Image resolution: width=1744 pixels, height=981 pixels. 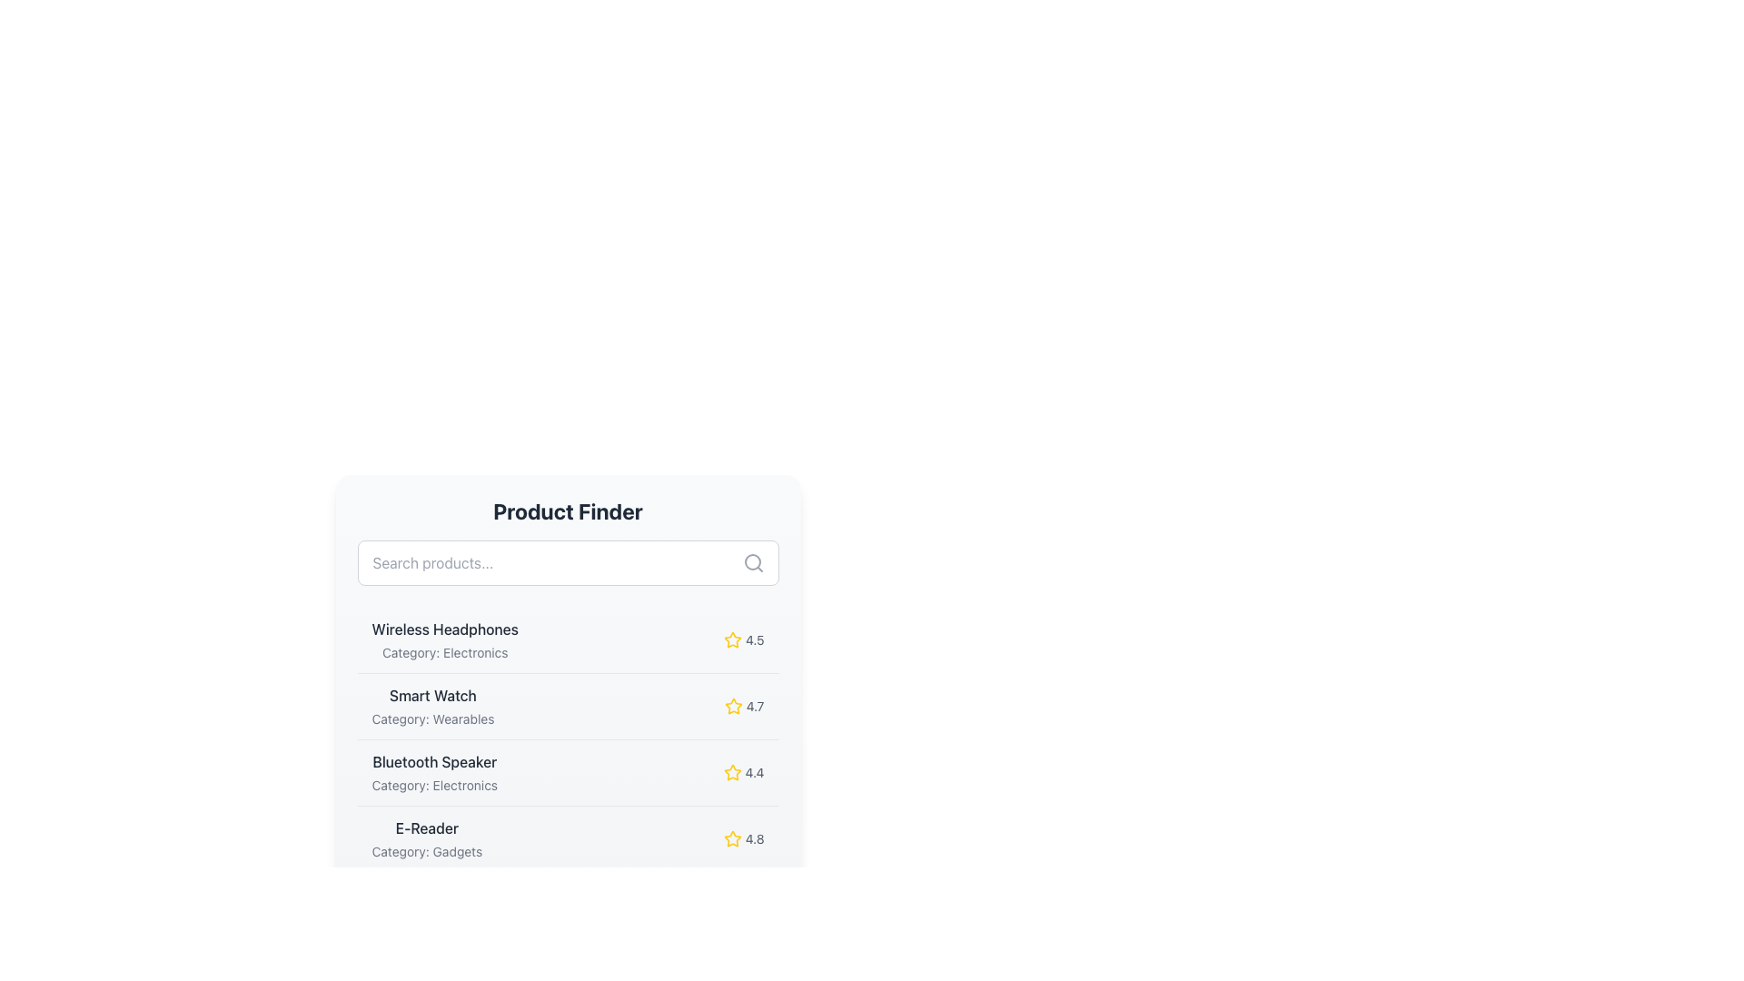 What do you see at coordinates (733, 706) in the screenshot?
I see `the rating star icon located to the right of the 'Smart Watch' text and before the '4.7' rating text` at bounding box center [733, 706].